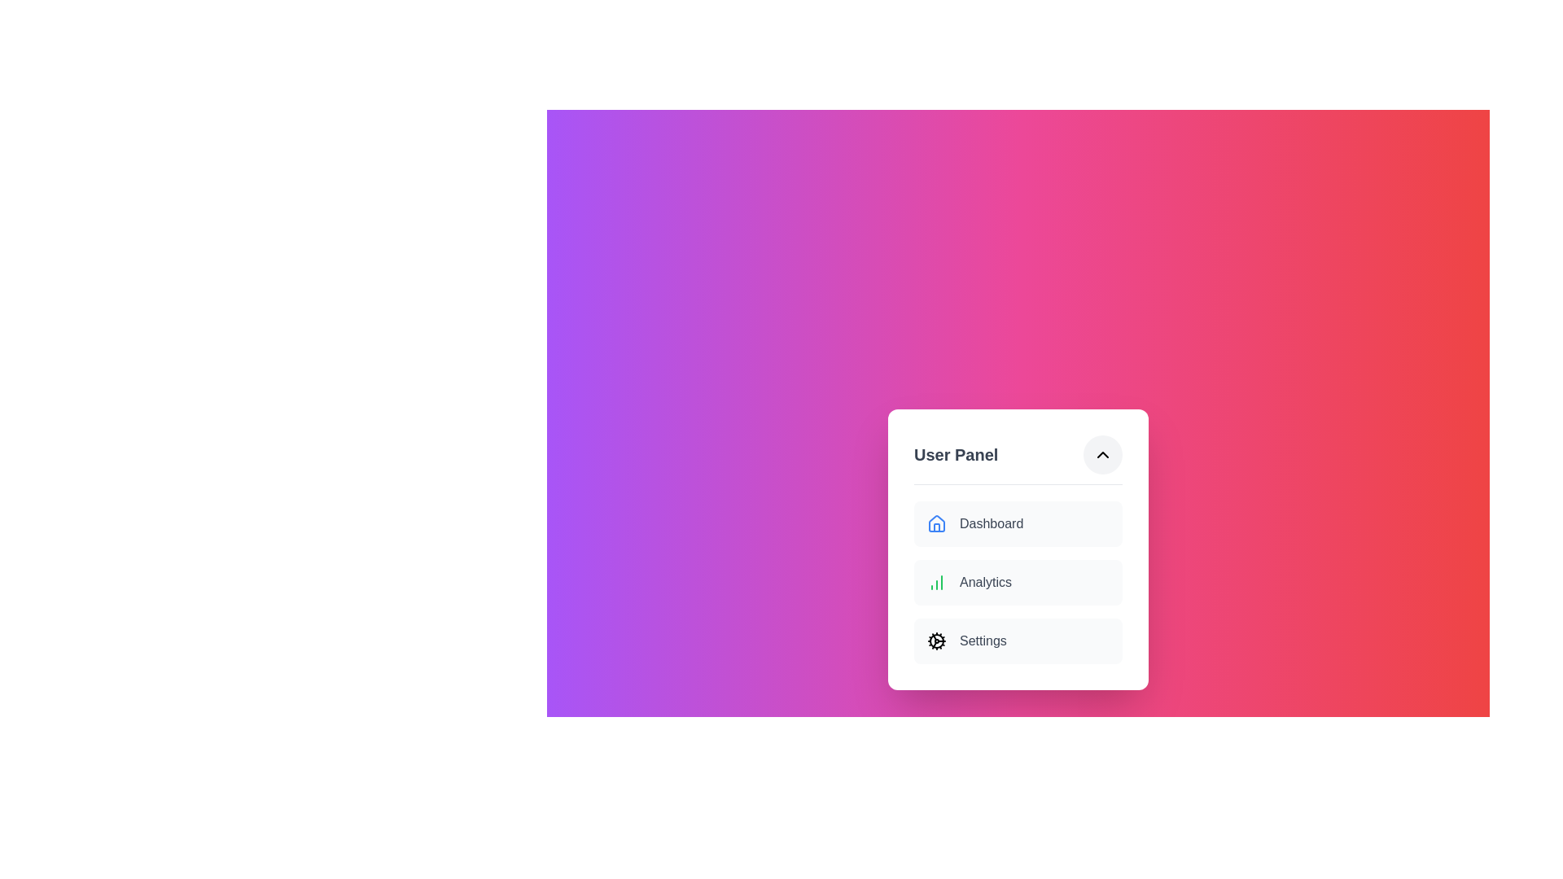 Image resolution: width=1563 pixels, height=879 pixels. I want to click on the menu item Settings from the menu, so click(1018, 640).